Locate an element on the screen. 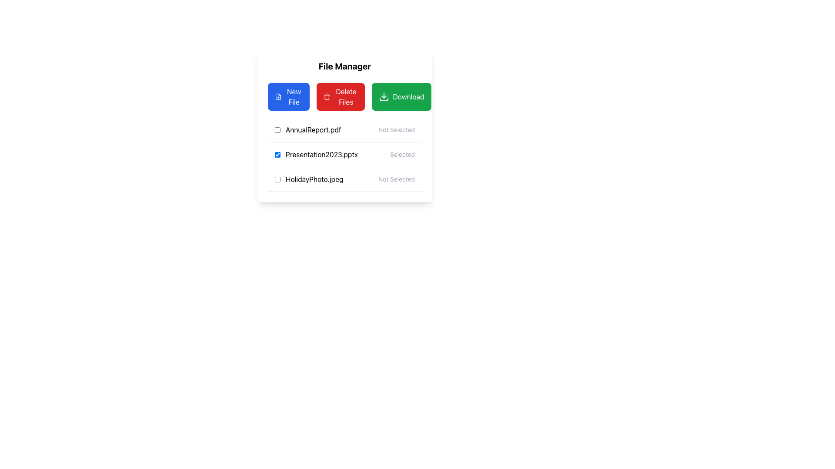 The width and height of the screenshot is (835, 469). the 'AnnualReport.pdf' file entry in the file manager is located at coordinates (308, 130).